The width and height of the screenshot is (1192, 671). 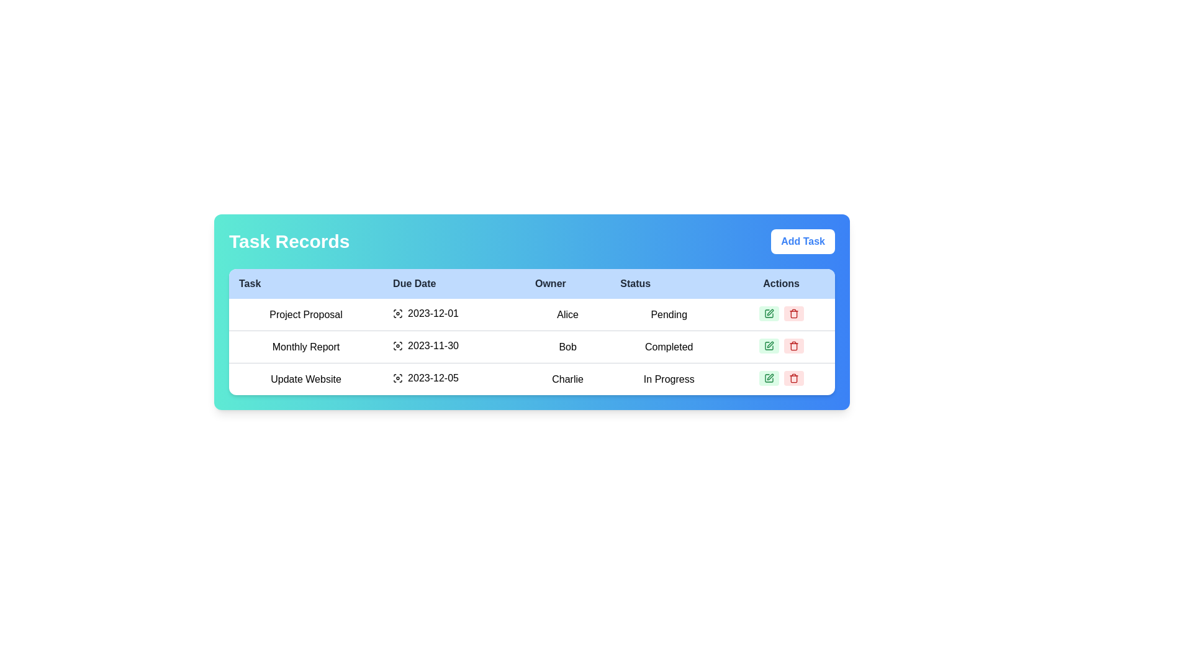 What do you see at coordinates (792, 378) in the screenshot?
I see `the delete button located in the 'Actions' column of the 'Task Records' table, which is positioned to the right of the green edit icon in the last row` at bounding box center [792, 378].